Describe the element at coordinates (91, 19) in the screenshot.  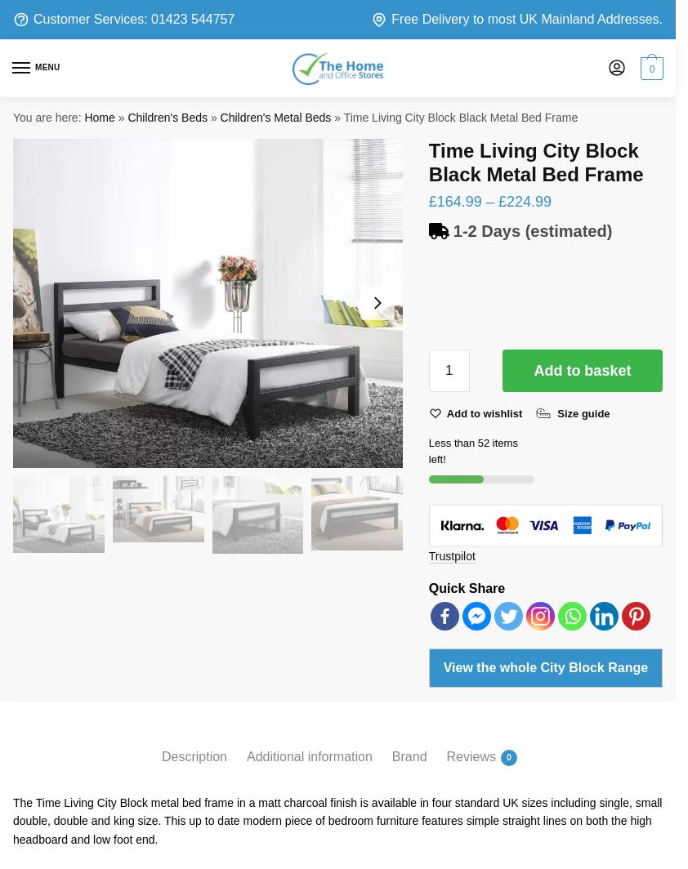
I see `'Customer Services:'` at that location.